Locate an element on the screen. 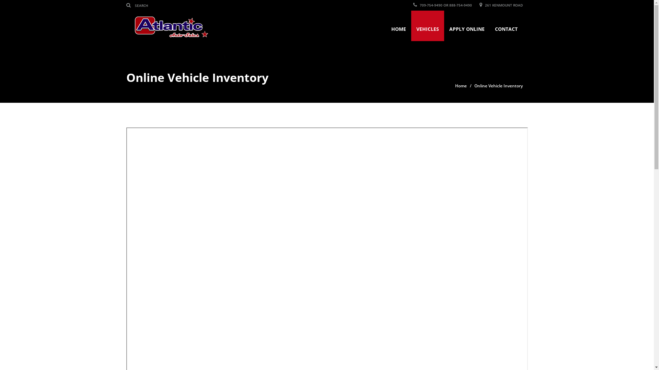  'Home' is located at coordinates (461, 85).